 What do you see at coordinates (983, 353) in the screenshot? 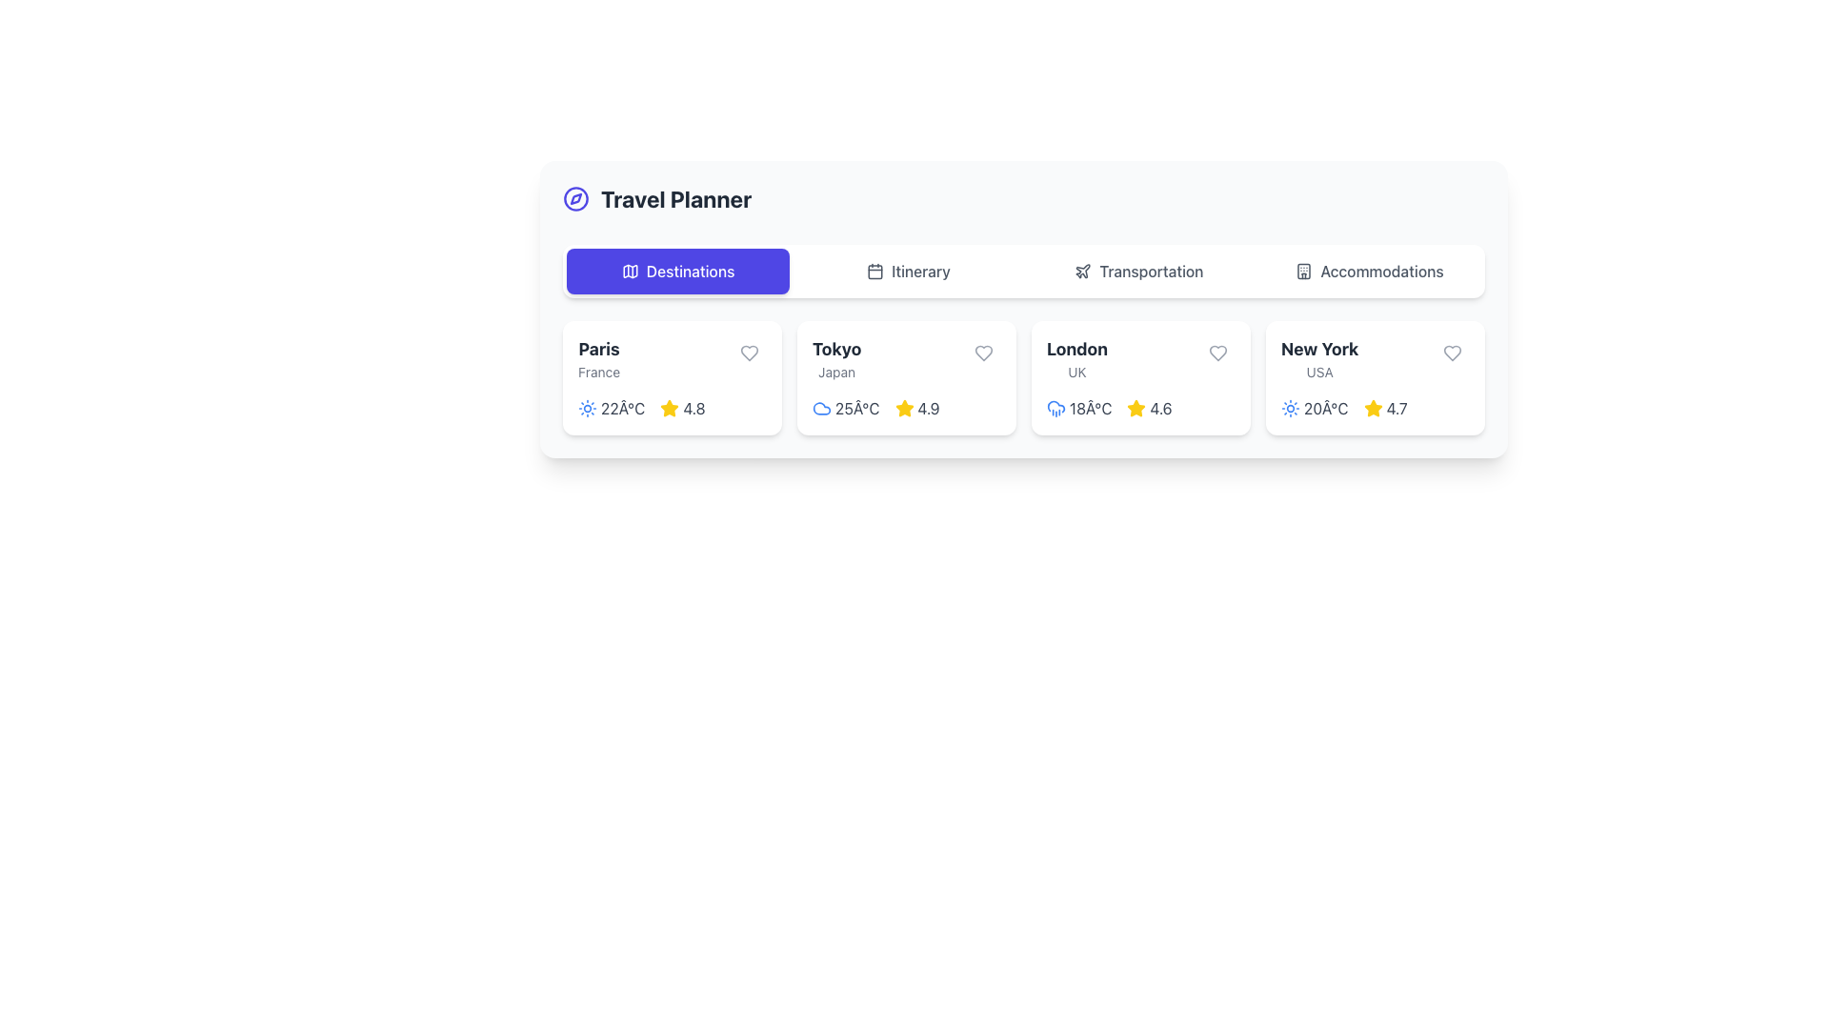
I see `the heart-shaped interactive icon located in the top-right corner of the card labeled 'Tokyo, Japan' to favorite this destination` at bounding box center [983, 353].